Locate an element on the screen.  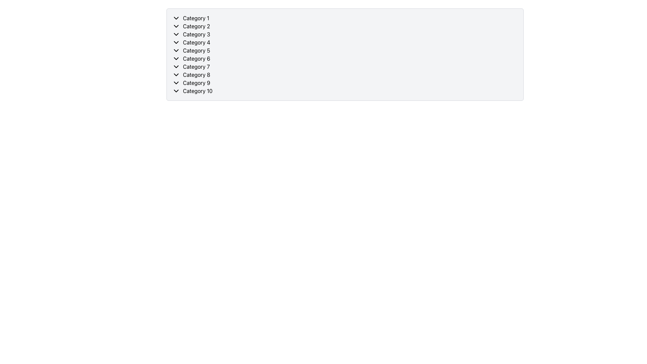
the chevron icon next to 'Category 2' is located at coordinates (176, 26).